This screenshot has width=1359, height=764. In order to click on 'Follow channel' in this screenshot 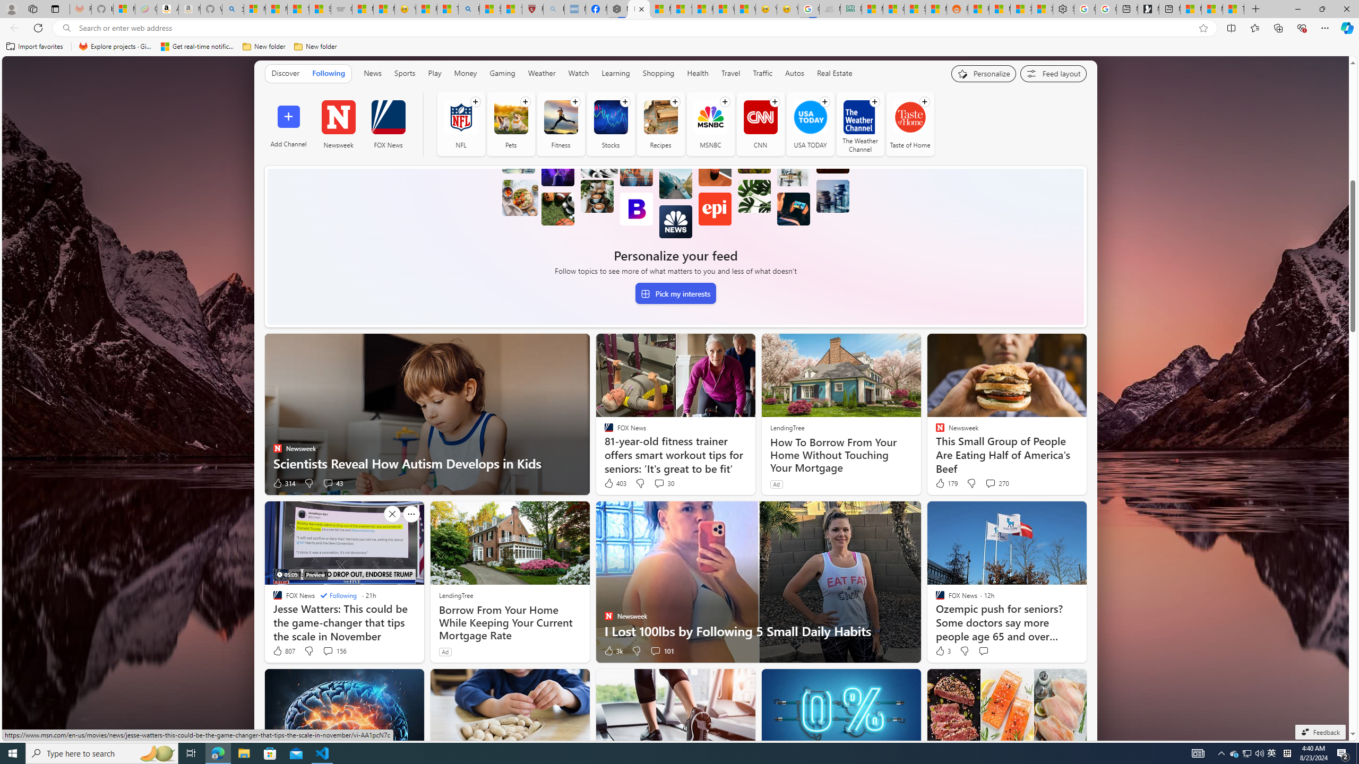, I will do `click(924, 101)`.